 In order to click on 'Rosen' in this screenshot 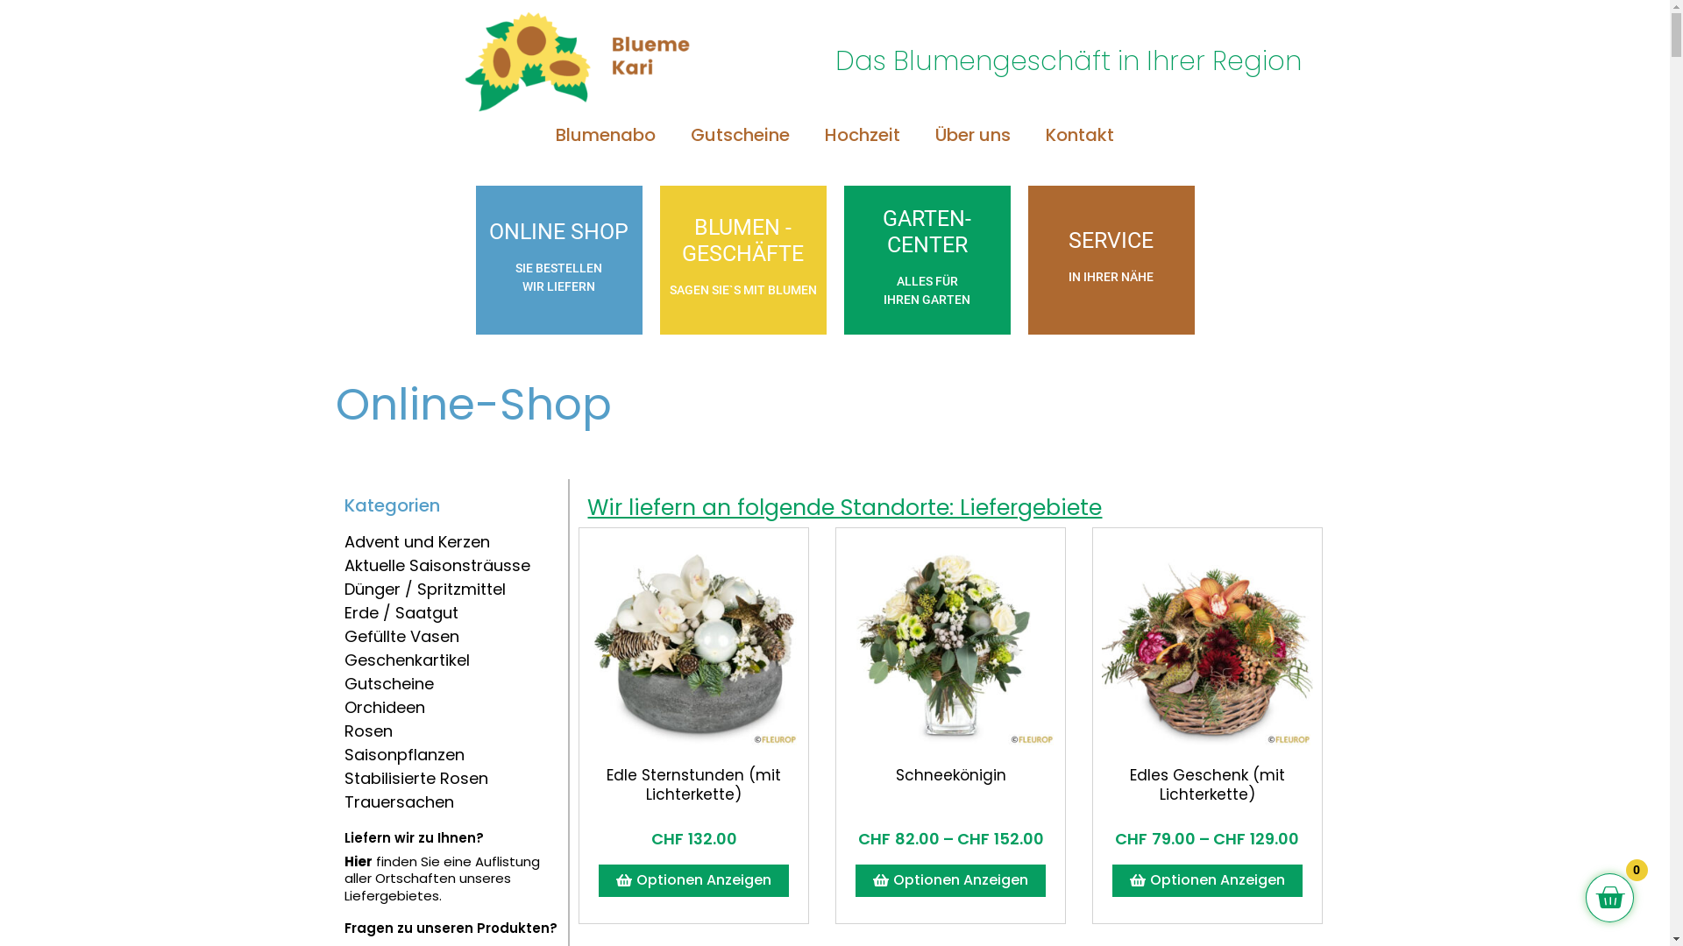, I will do `click(366, 731)`.